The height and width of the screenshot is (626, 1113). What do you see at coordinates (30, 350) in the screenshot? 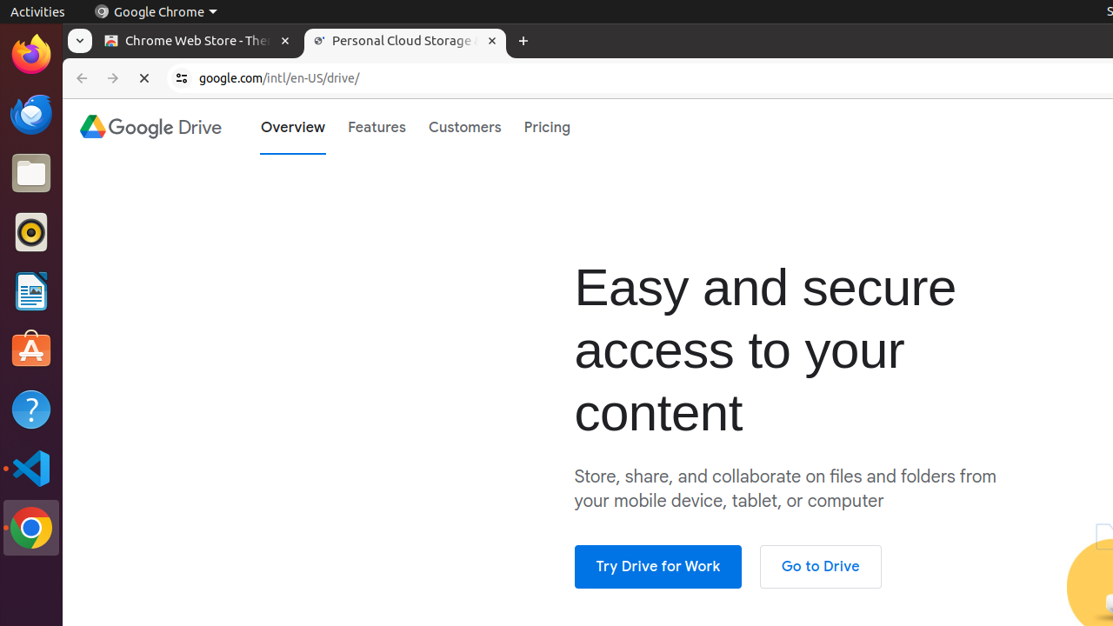
I see `'Ubuntu Software'` at bounding box center [30, 350].